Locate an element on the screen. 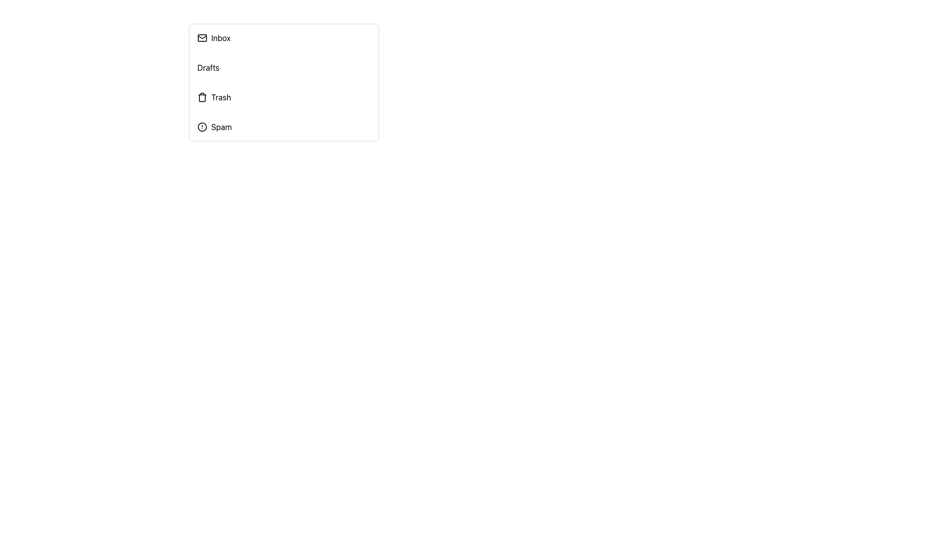 The width and height of the screenshot is (950, 534). the 'Spam' text label located in the sidebar menu, which is the fourth item in a vertical list and positioned immediately to the right of an alert circle icon is located at coordinates (221, 127).